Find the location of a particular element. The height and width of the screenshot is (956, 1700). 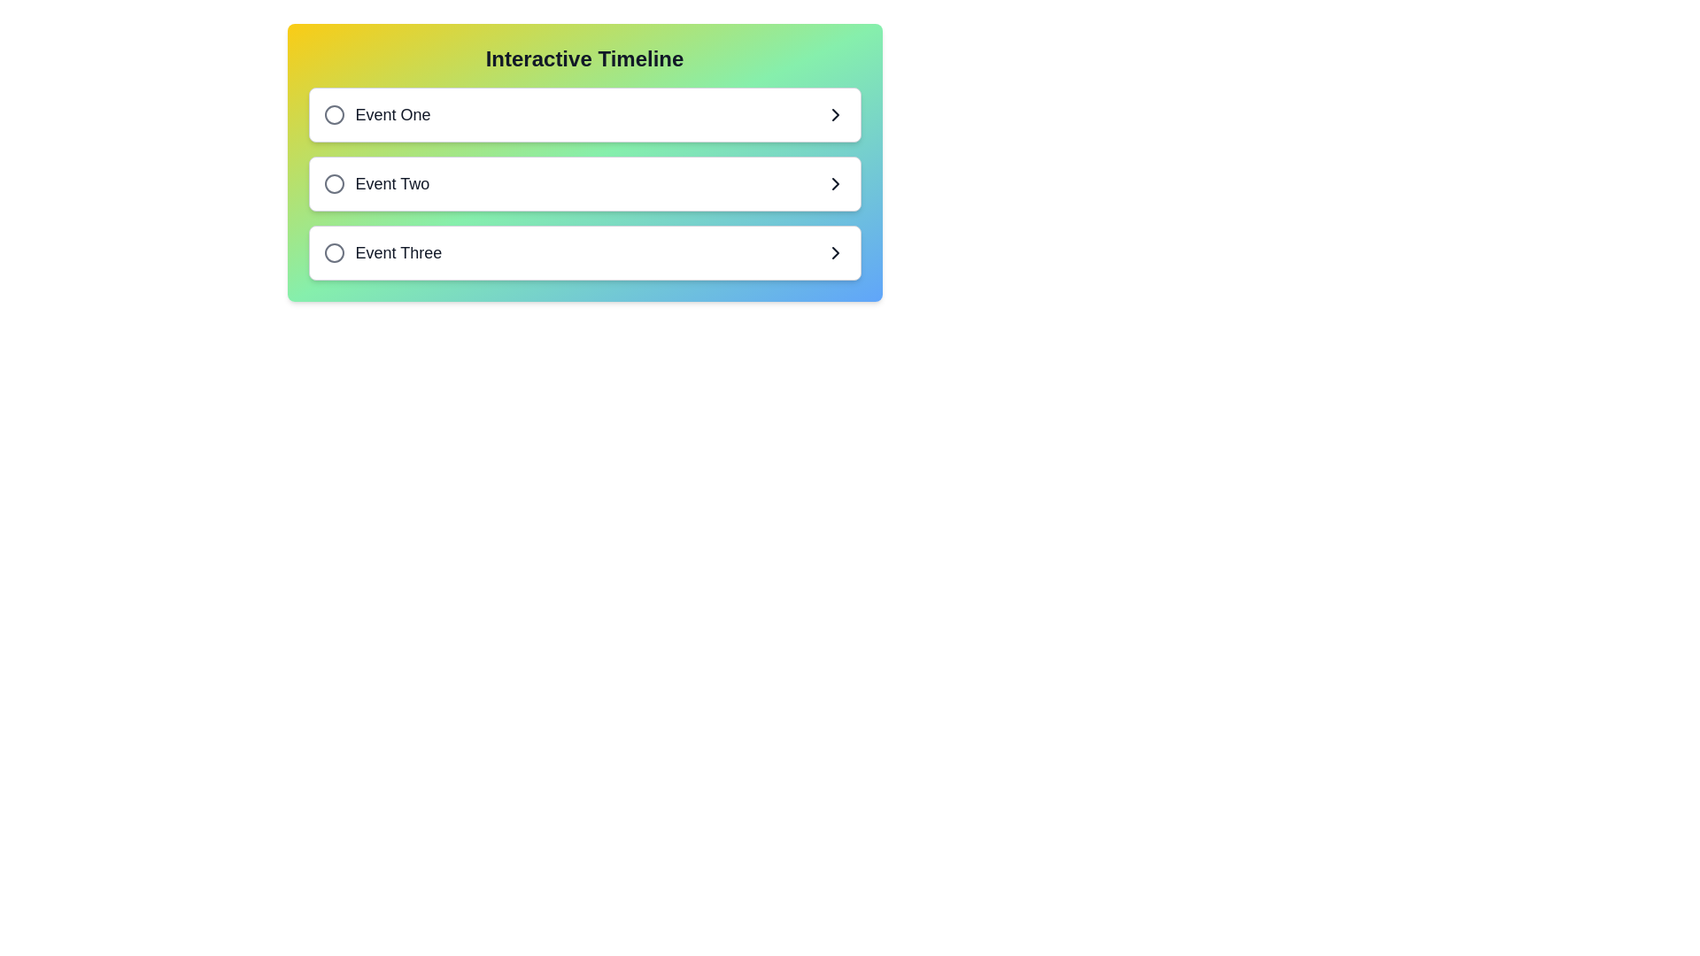

the right-pointing chevron arrow icon located within the topmost interactive box labeled 'Event One' in the 'Interactive Timeline' card is located at coordinates (834, 115).